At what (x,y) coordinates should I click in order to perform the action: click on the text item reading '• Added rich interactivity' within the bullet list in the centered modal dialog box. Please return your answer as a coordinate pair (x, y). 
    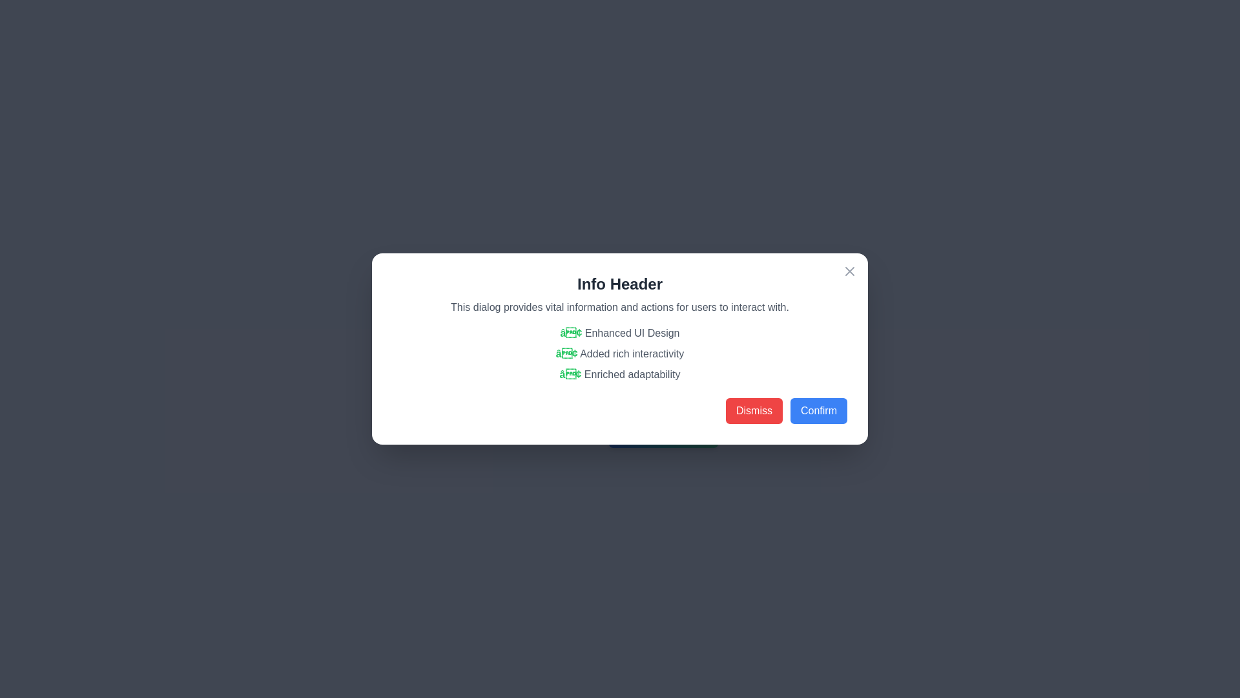
    Looking at the image, I should click on (620, 349).